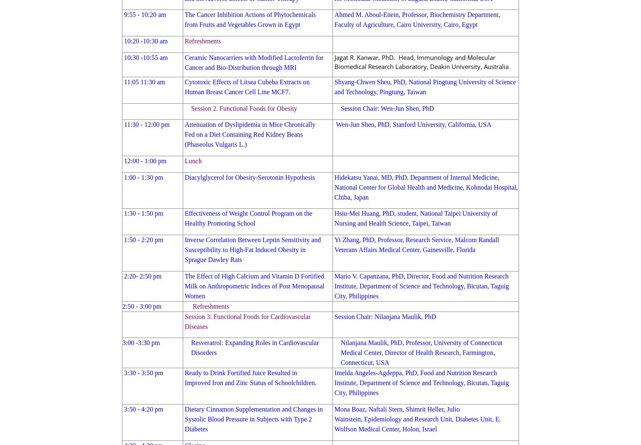 The width and height of the screenshot is (641, 445). What do you see at coordinates (416, 244) in the screenshot?
I see `'Yi Zhang, PhD, Professor, Research Service, Malcom Randall Veterans Affairs Medical Center, Gainesville, Florida'` at bounding box center [416, 244].